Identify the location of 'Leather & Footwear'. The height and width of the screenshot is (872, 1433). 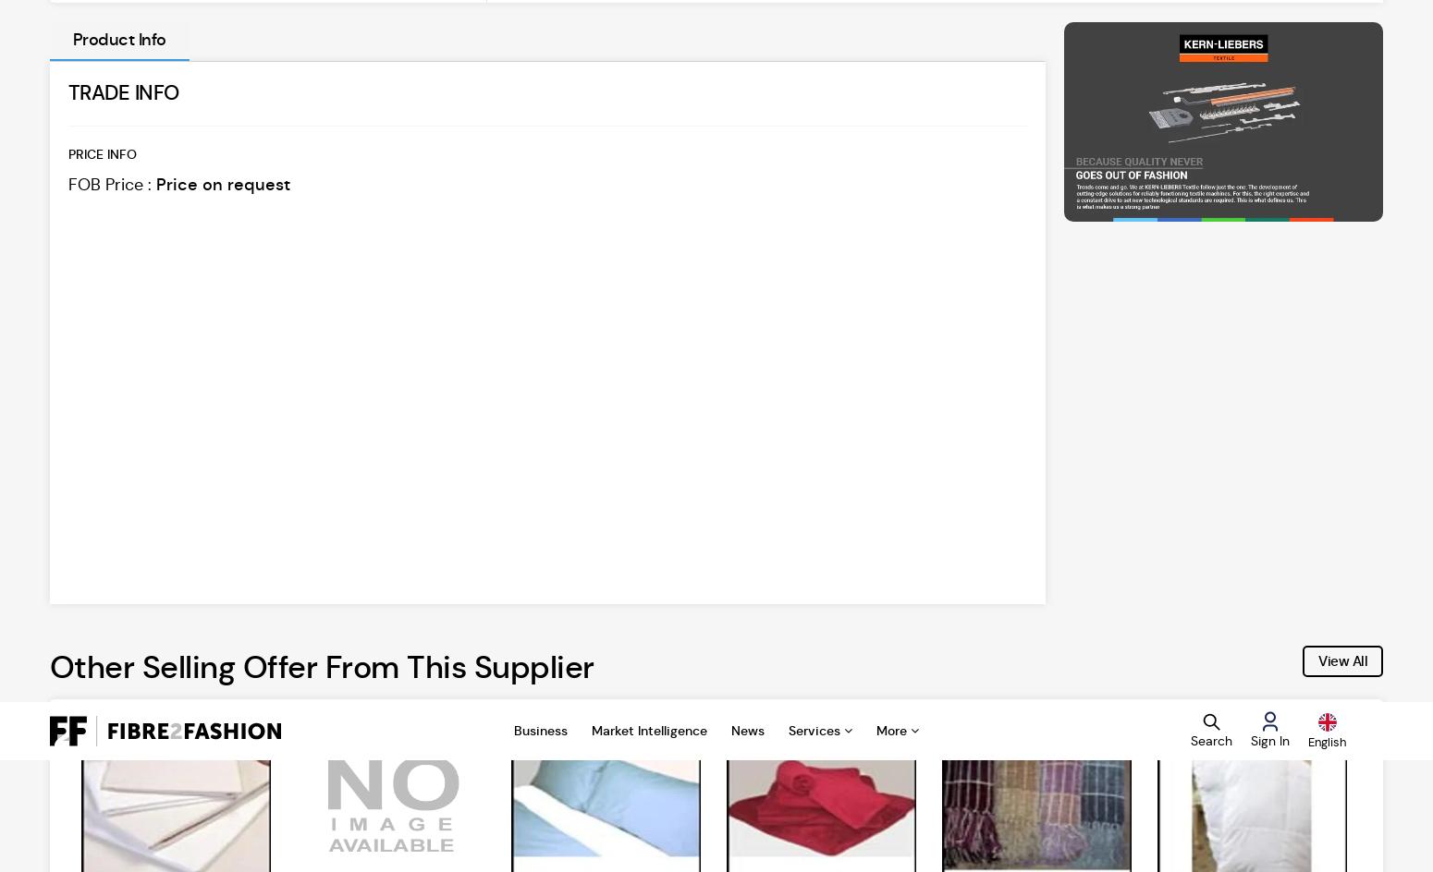
(430, 642).